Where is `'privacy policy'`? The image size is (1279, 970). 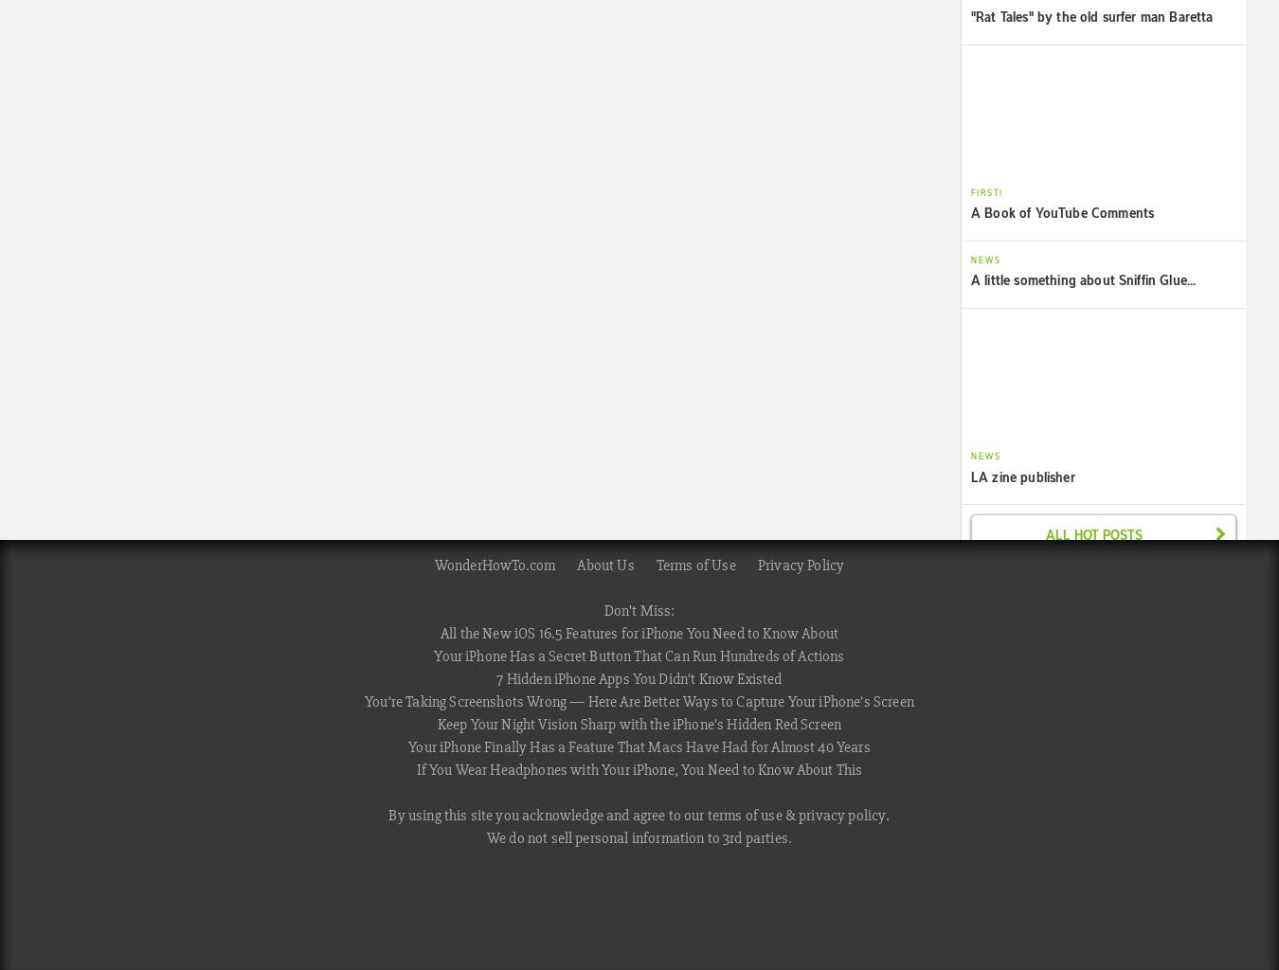 'privacy policy' is located at coordinates (841, 815).